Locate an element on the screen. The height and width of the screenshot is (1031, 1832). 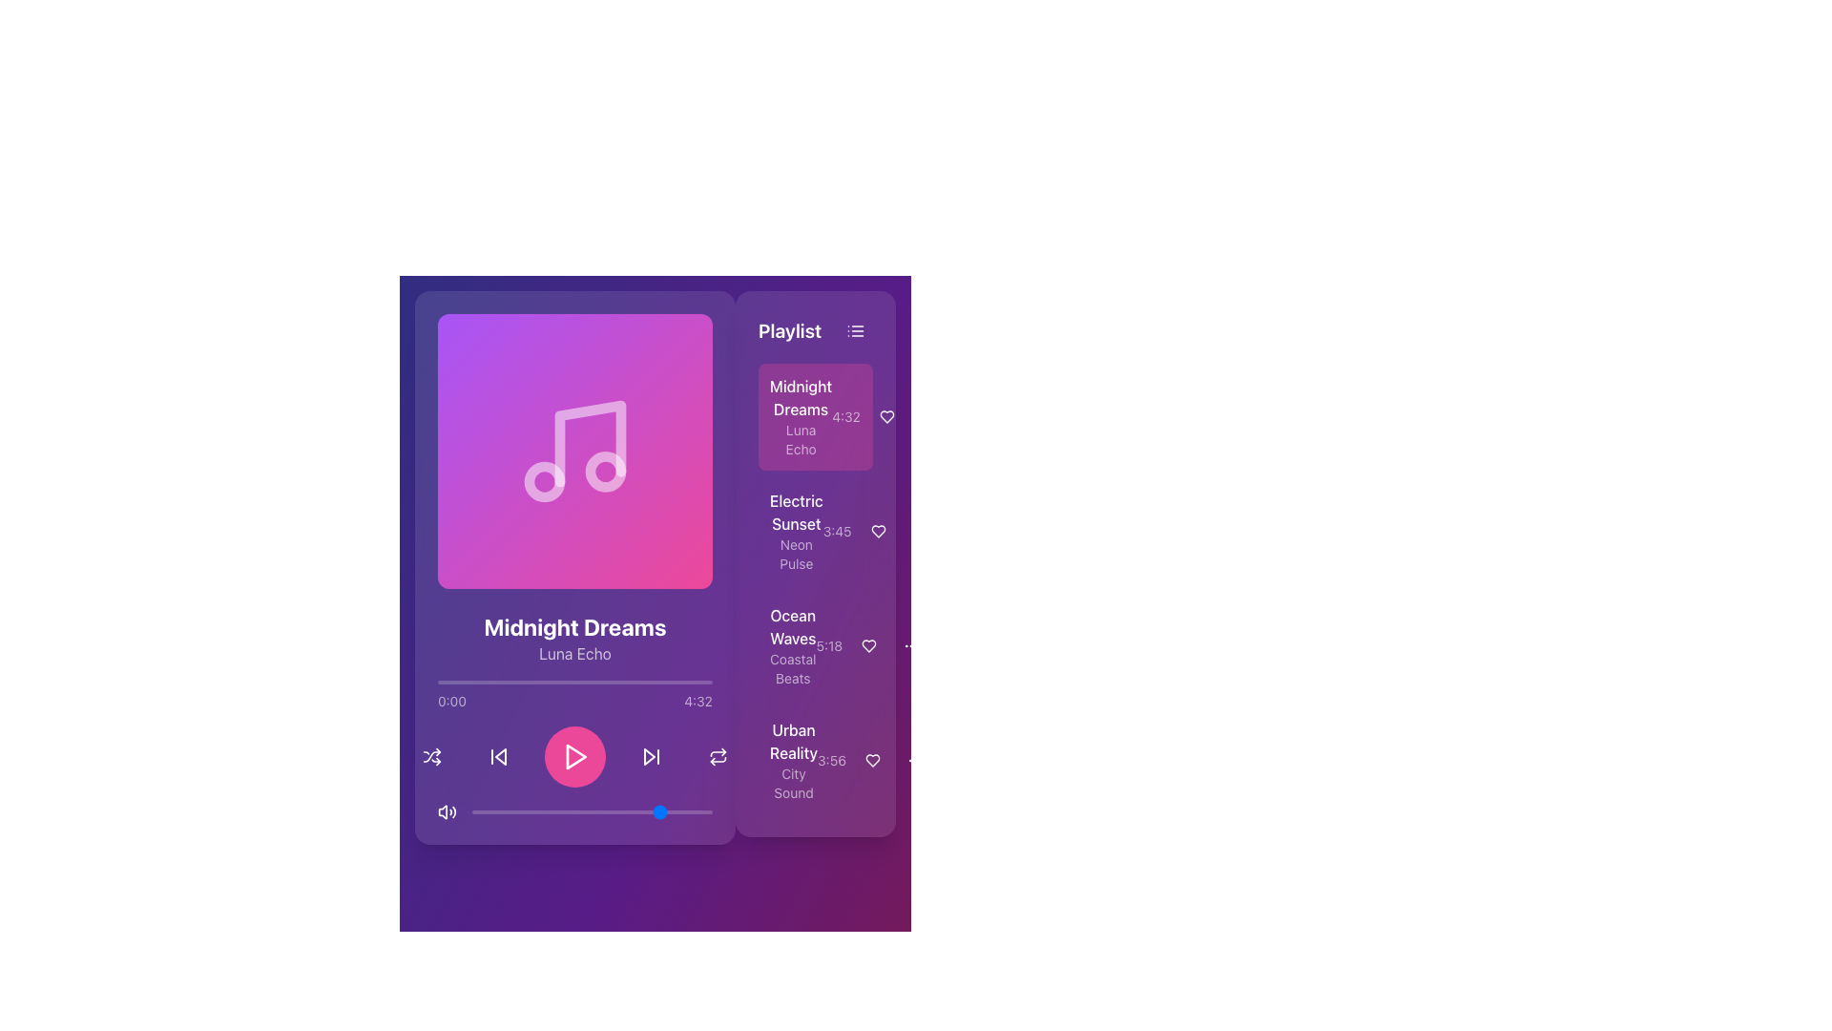
the progress bar located beneath the music title and above the playback controls to interact with it is located at coordinates (574, 681).